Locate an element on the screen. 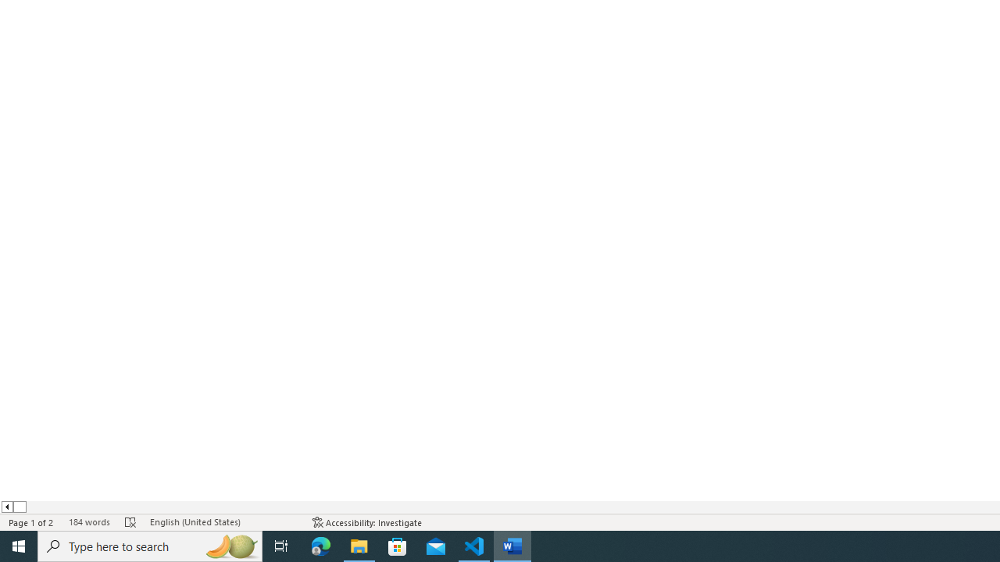 Image resolution: width=1000 pixels, height=562 pixels. 'File Explorer - 1 running window' is located at coordinates (359, 545).